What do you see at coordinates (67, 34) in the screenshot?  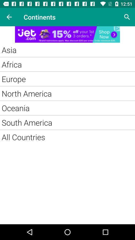 I see `advertisements button` at bounding box center [67, 34].